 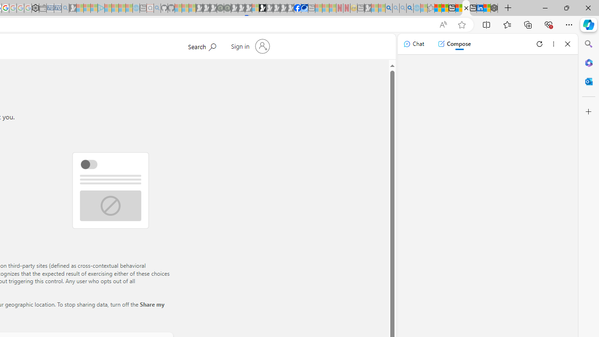 What do you see at coordinates (201, 45) in the screenshot?
I see `'Search Microsoft.com'` at bounding box center [201, 45].